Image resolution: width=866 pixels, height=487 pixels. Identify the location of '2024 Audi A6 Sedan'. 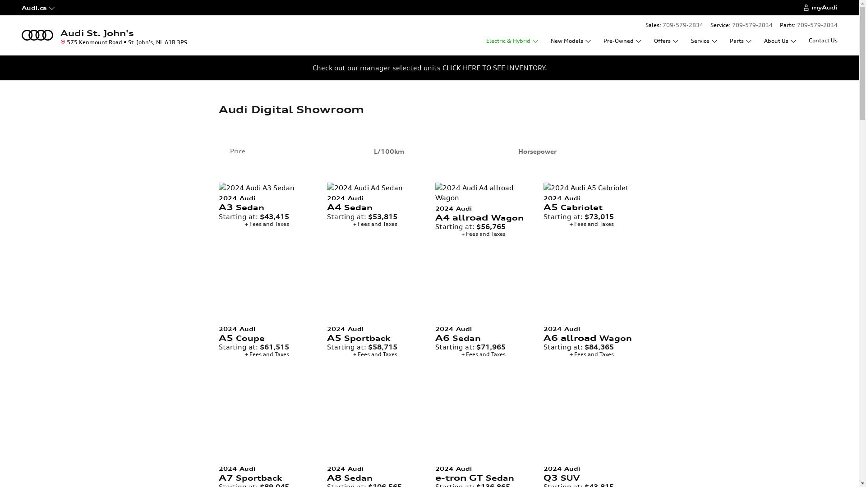
(479, 332).